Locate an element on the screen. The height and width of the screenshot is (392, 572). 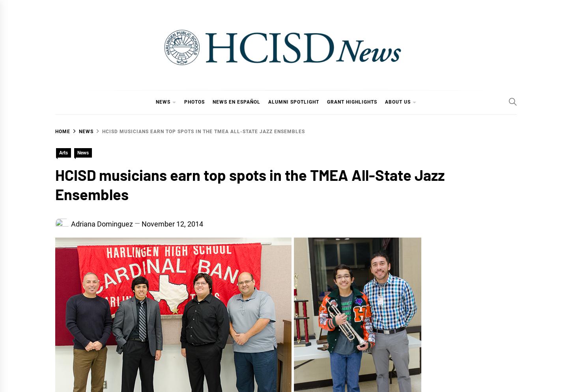
'Alumni Spotlight' is located at coordinates (293, 102).